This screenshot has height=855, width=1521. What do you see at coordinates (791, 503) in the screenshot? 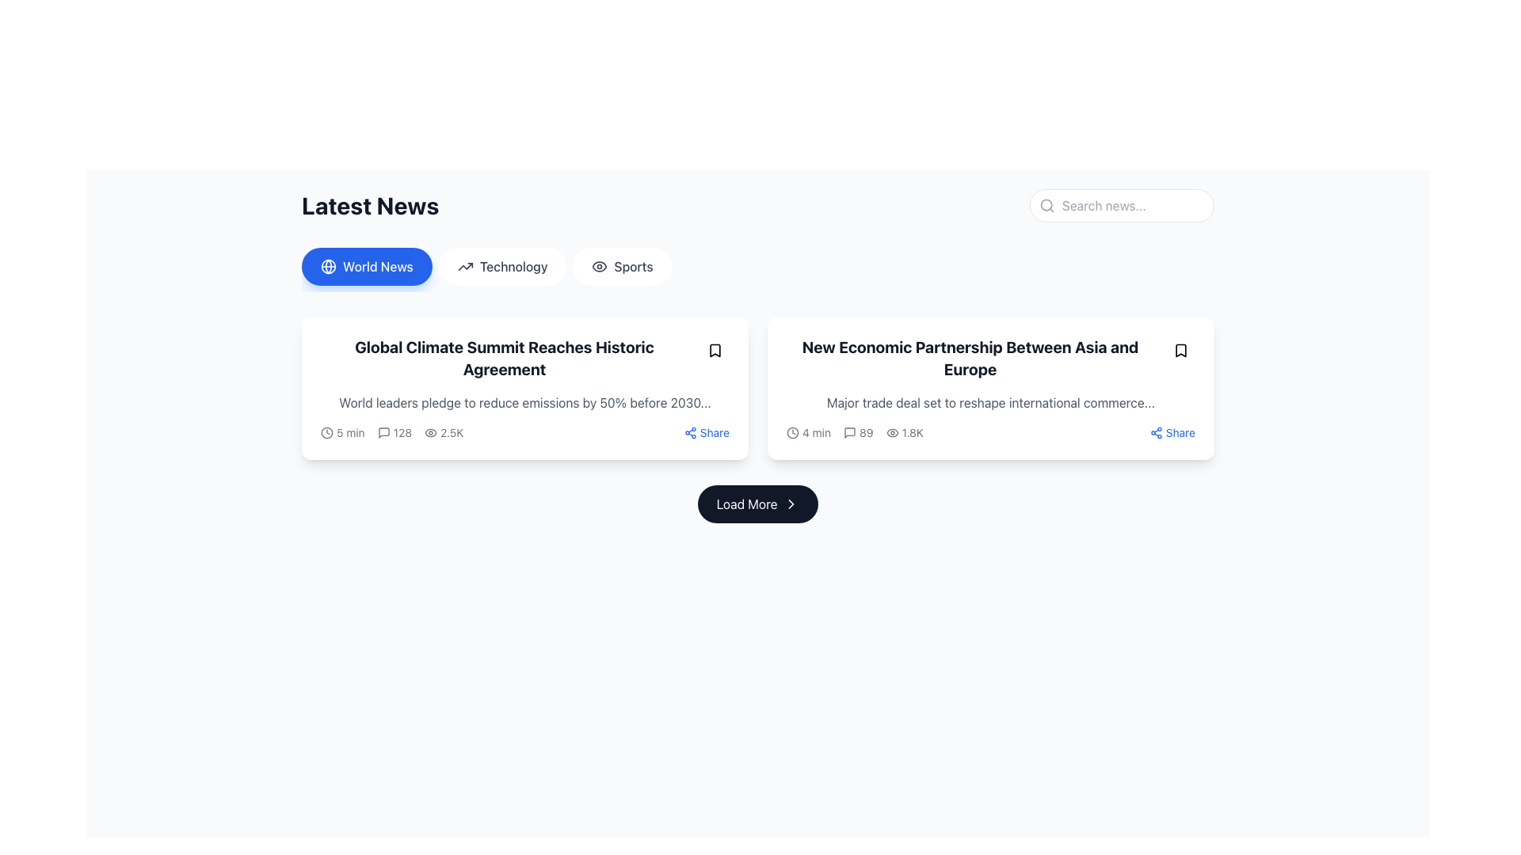
I see `keyboard navigation` at bounding box center [791, 503].